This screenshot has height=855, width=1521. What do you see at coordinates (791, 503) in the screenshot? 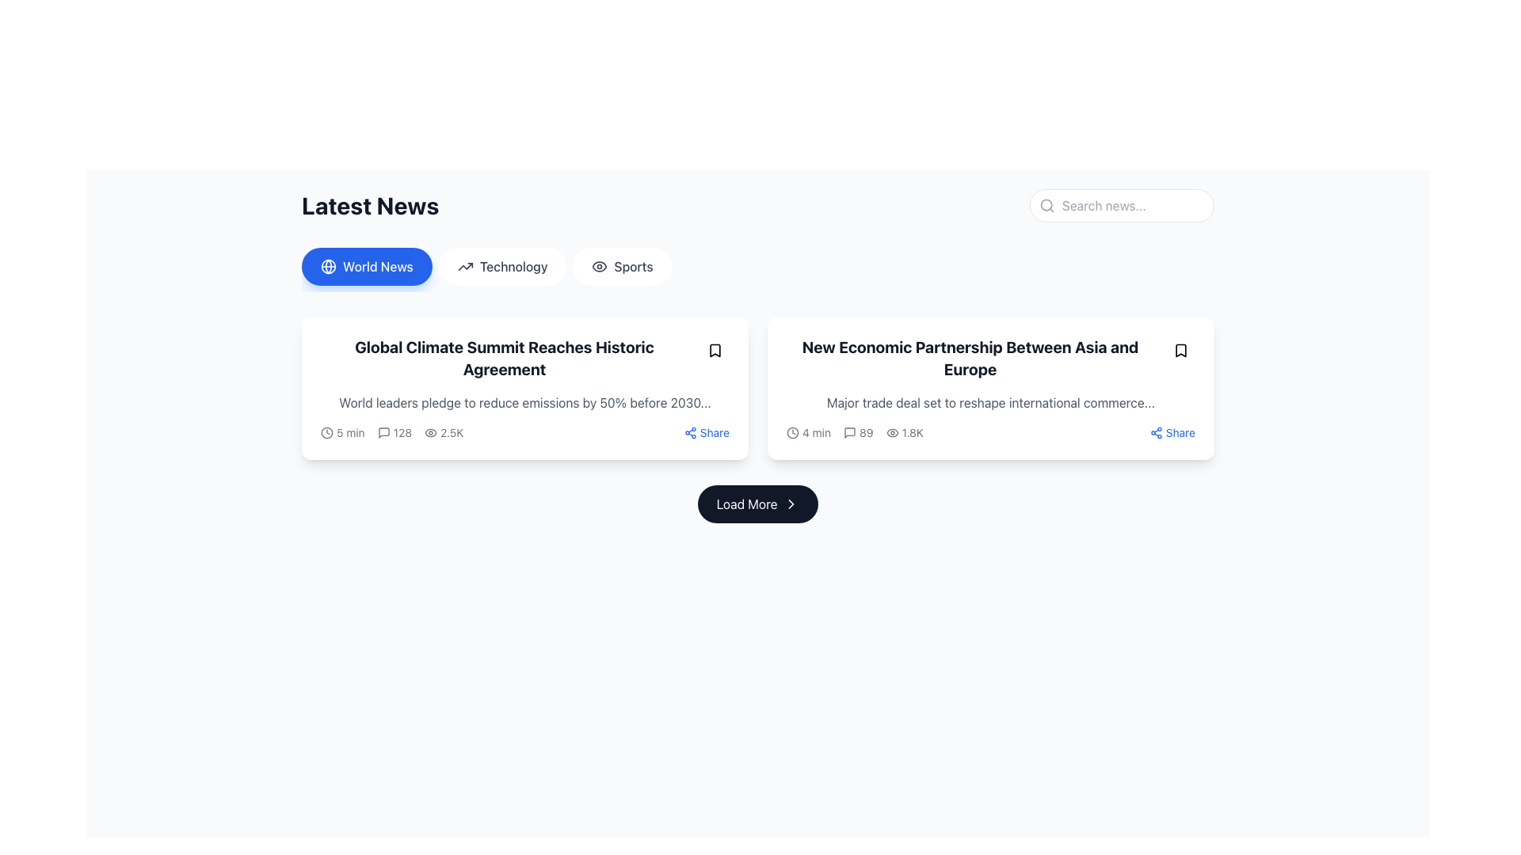
I see `keyboard navigation` at bounding box center [791, 503].